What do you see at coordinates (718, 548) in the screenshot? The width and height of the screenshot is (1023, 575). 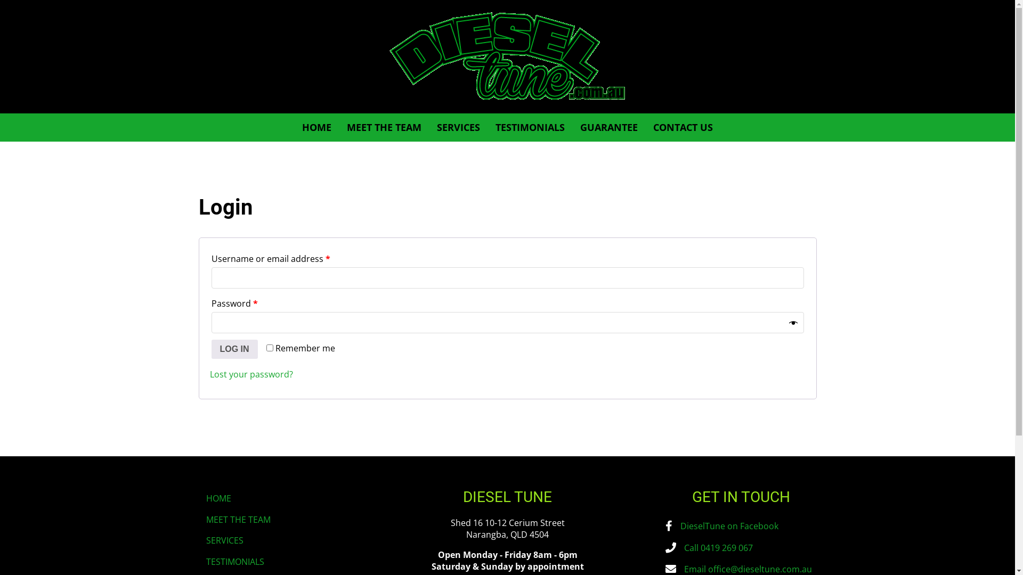 I see `'Call 0419 269 067'` at bounding box center [718, 548].